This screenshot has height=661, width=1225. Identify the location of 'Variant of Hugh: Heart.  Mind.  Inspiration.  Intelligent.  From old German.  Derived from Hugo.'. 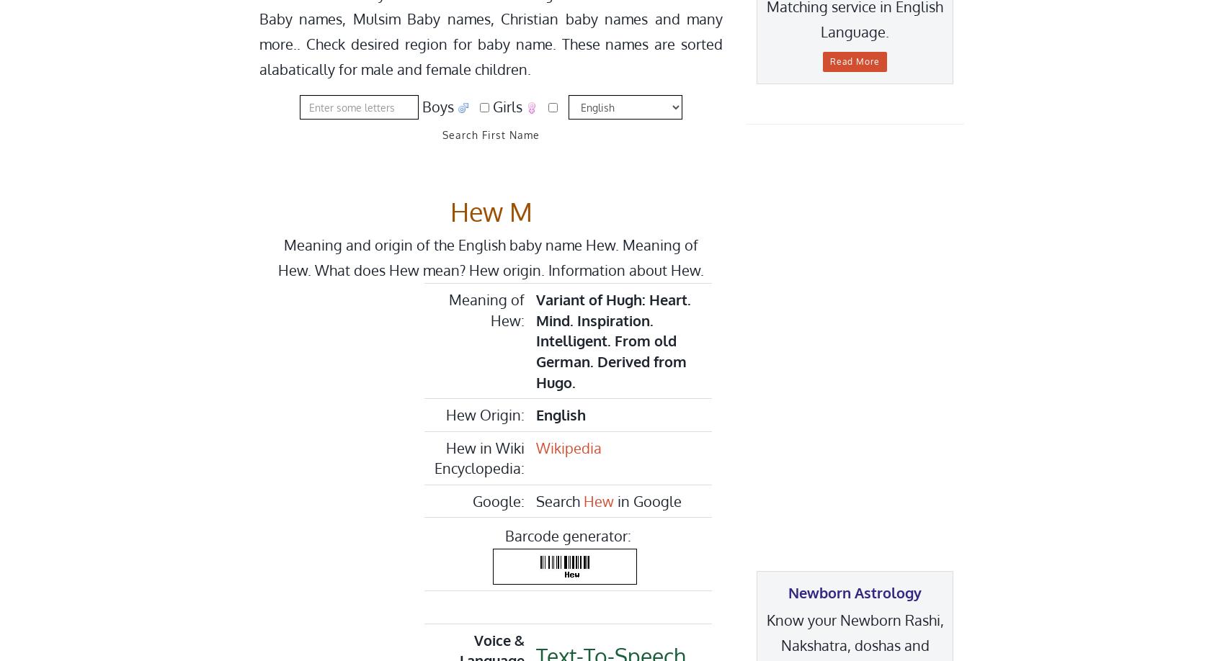
(612, 341).